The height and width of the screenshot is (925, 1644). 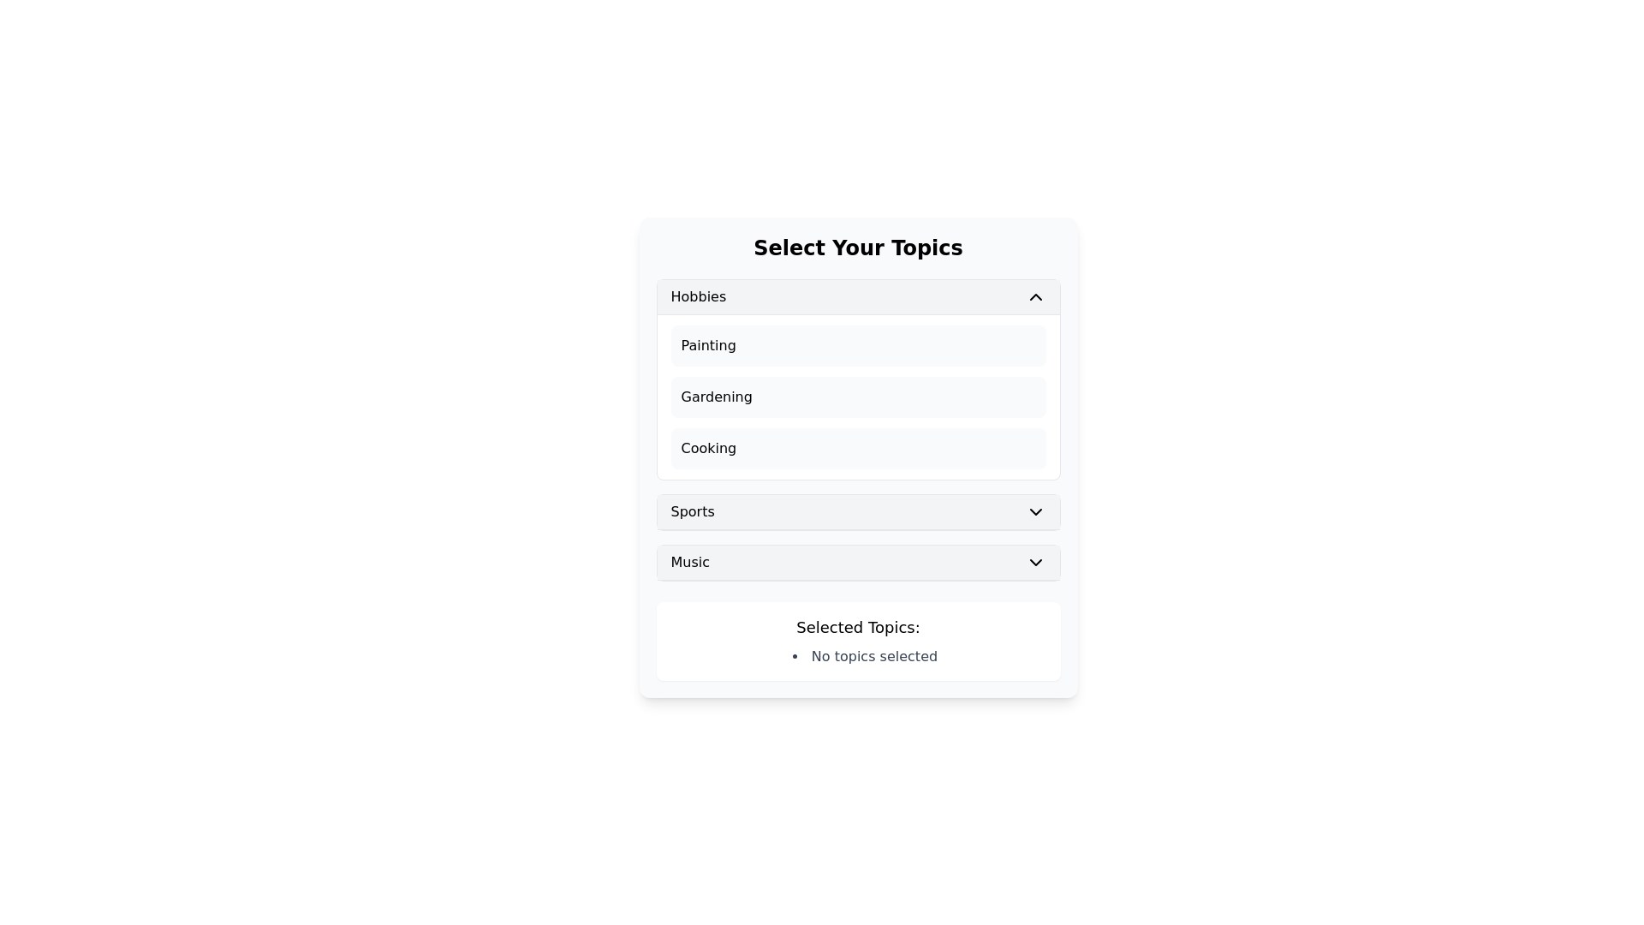 What do you see at coordinates (708, 346) in the screenshot?
I see `the 'Painting' text label, which is the first option in the 'Hobbies' category under the 'Select Your Topics' section` at bounding box center [708, 346].